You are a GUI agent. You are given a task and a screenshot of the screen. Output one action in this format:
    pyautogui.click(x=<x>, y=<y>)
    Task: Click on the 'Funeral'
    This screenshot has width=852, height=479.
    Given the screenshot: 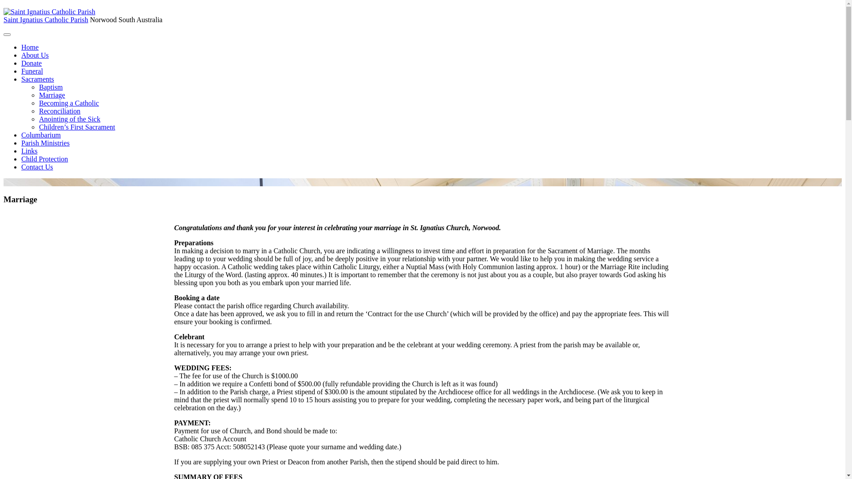 What is the action you would take?
    pyautogui.click(x=32, y=71)
    